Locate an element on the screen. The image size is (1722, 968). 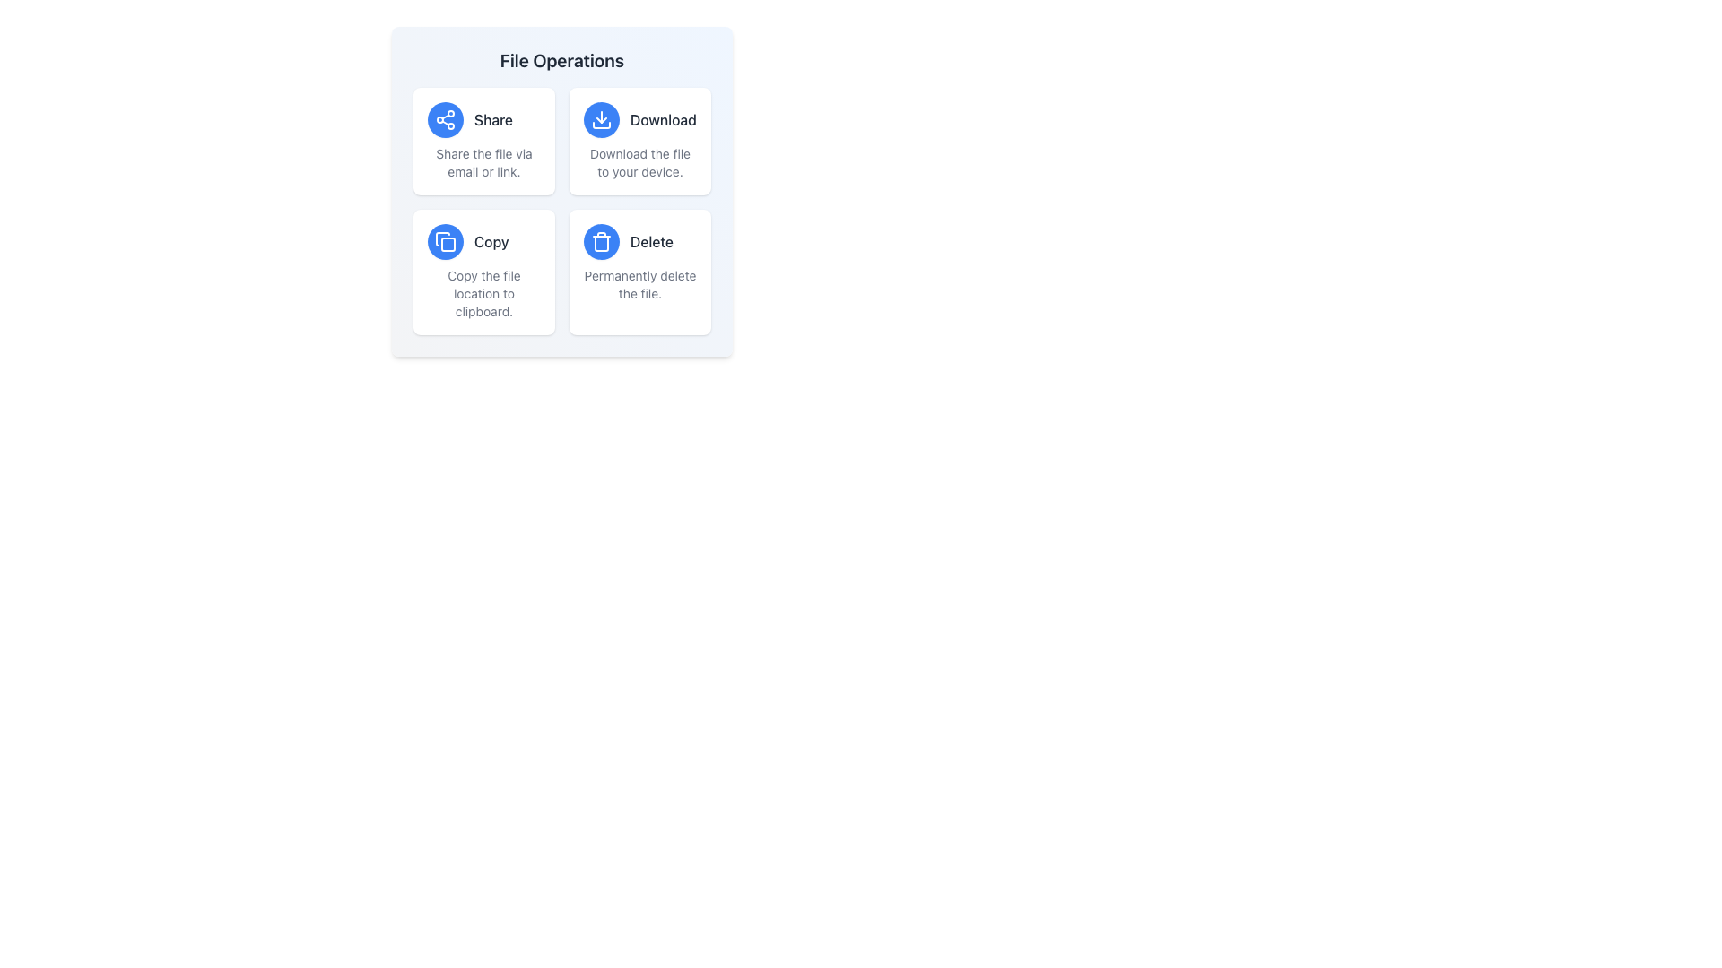
text label indicating the function of the associated icon for copying the file's location, located at the bottom-left of the 'File Operations' grid is located at coordinates (491, 242).